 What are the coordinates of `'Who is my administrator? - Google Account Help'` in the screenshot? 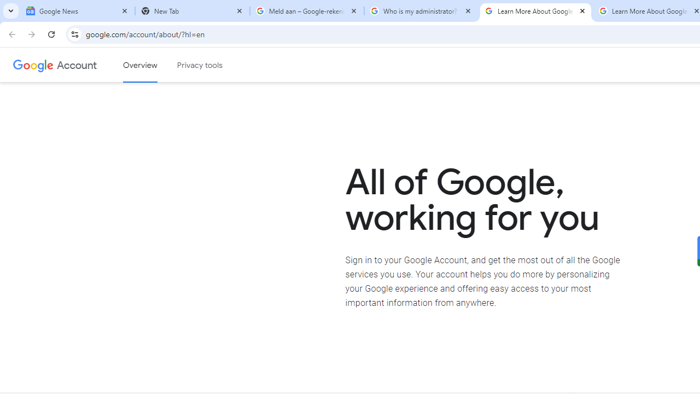 It's located at (421, 11).